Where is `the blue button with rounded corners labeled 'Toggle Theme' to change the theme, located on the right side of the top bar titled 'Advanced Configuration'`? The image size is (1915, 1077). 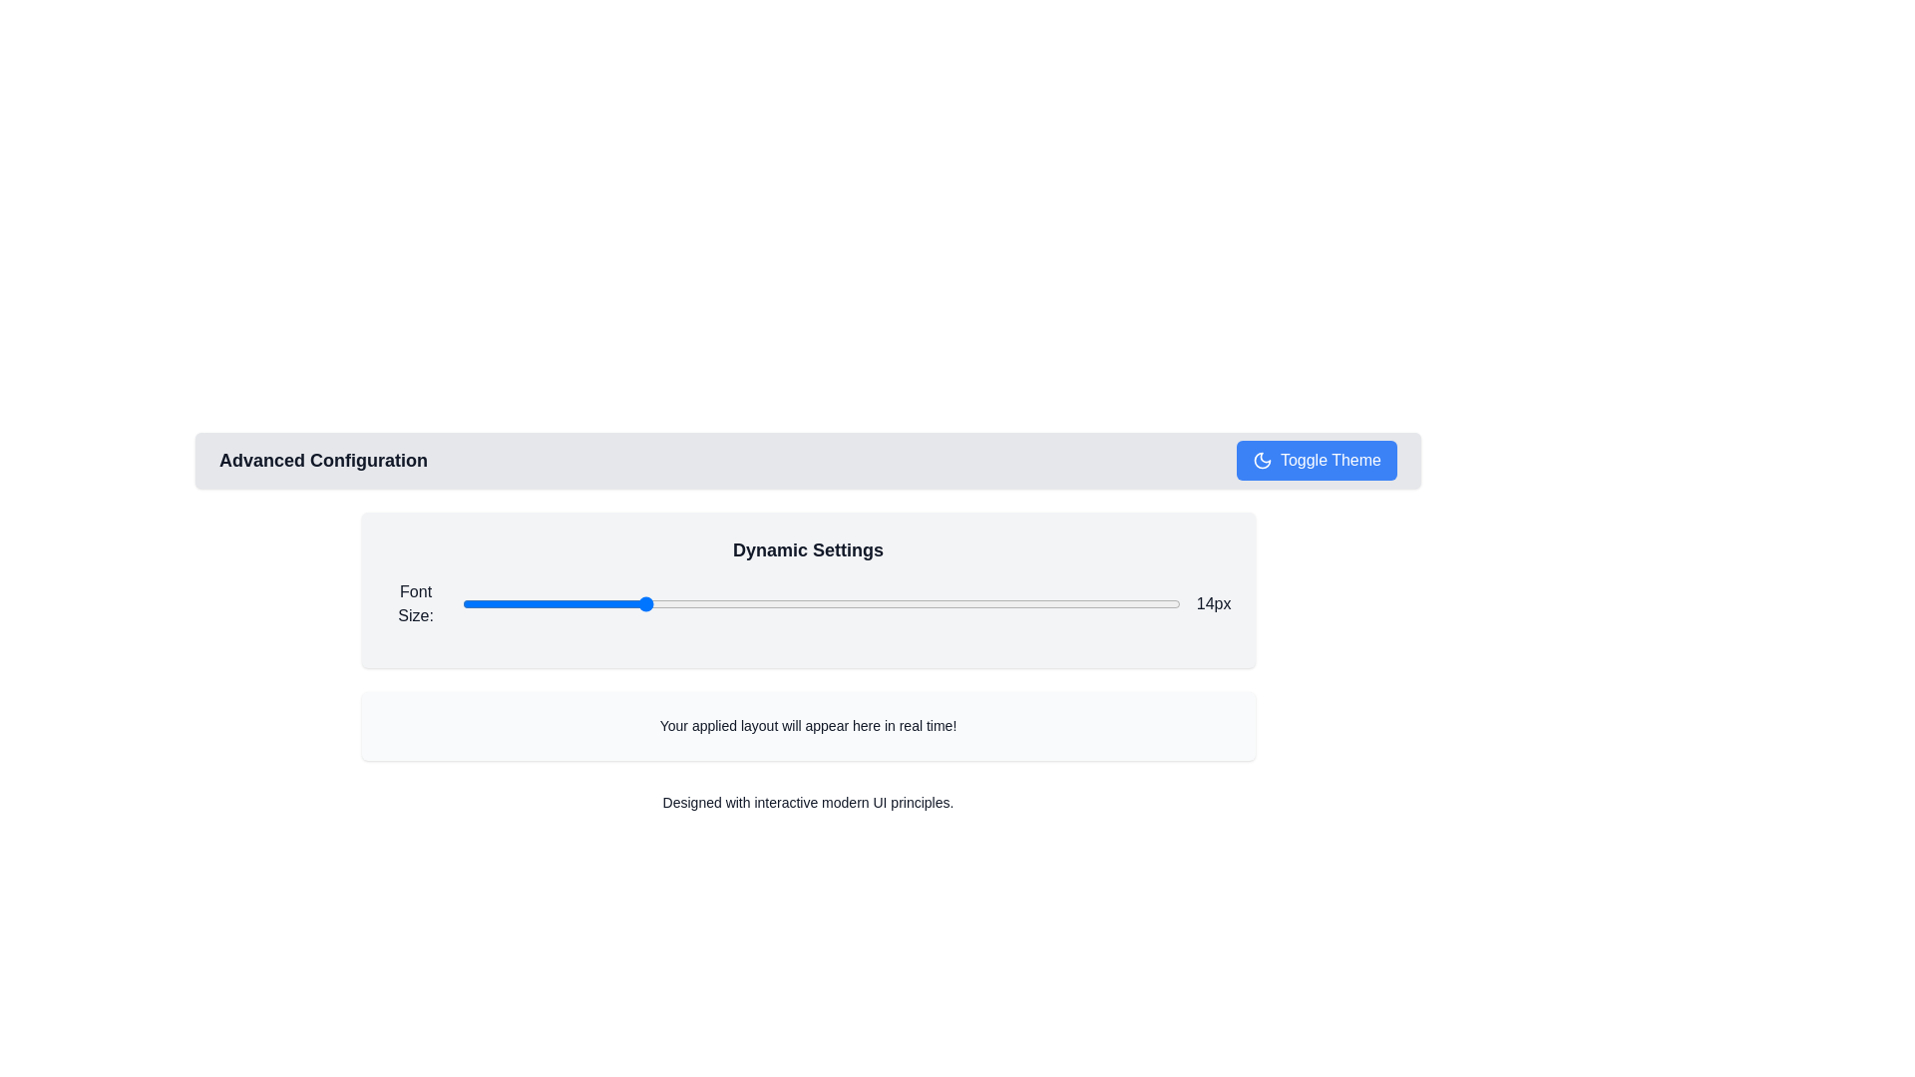
the blue button with rounded corners labeled 'Toggle Theme' to change the theme, located on the right side of the top bar titled 'Advanced Configuration' is located at coordinates (1317, 461).